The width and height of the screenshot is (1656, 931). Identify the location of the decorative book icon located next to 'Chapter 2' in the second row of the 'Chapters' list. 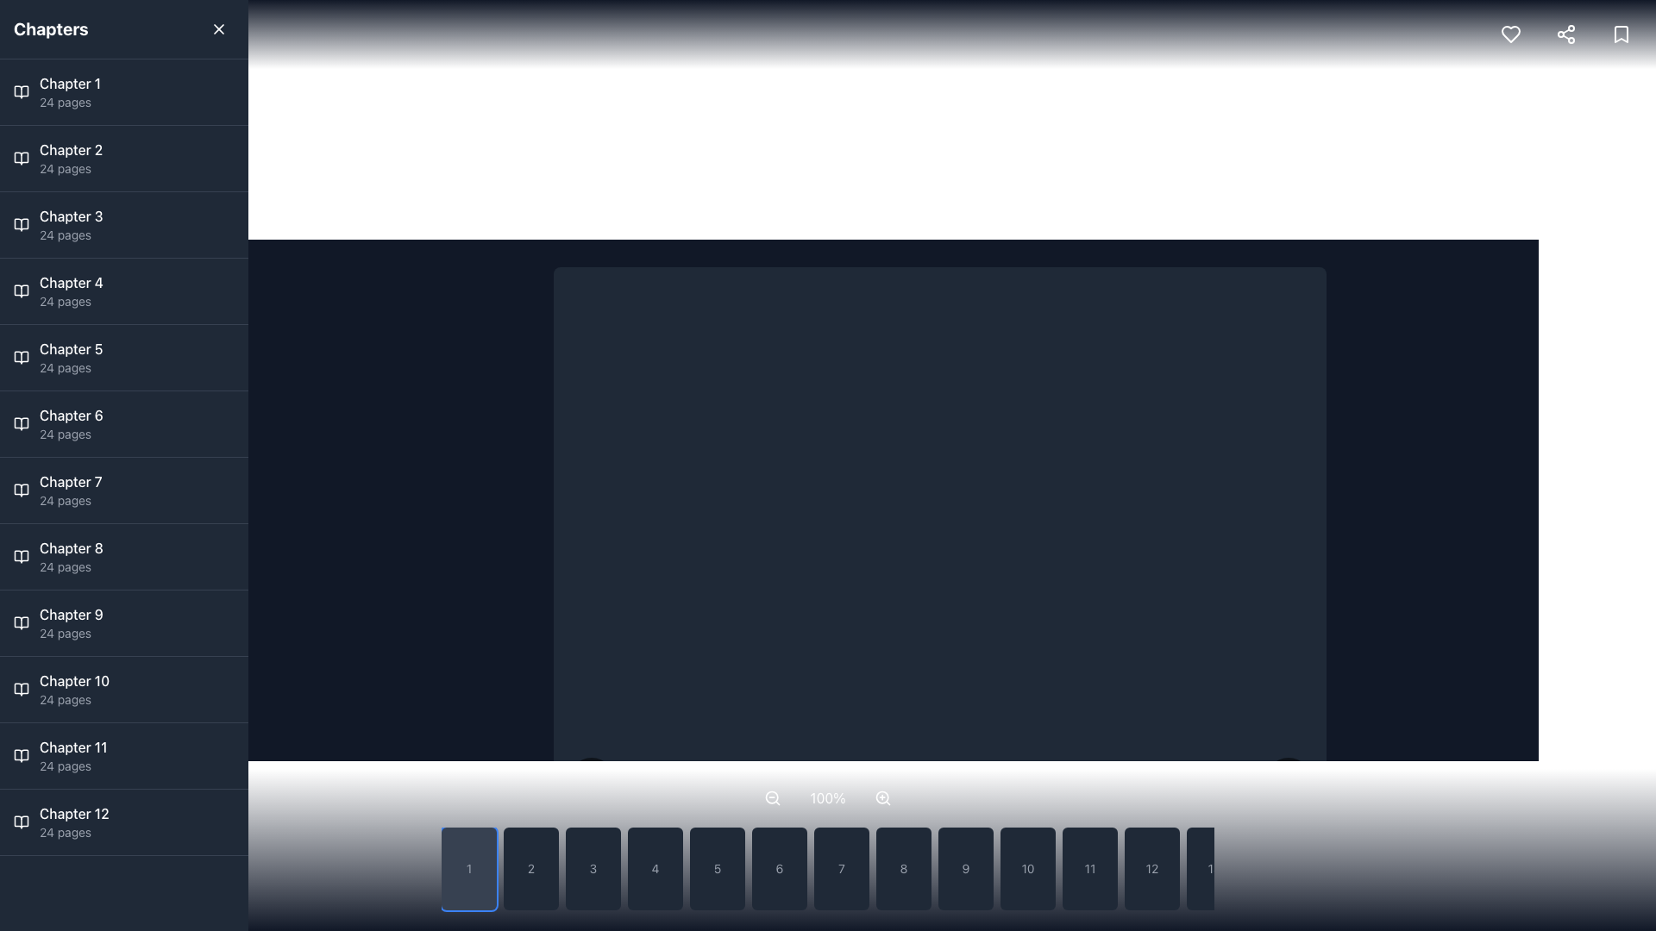
(21, 159).